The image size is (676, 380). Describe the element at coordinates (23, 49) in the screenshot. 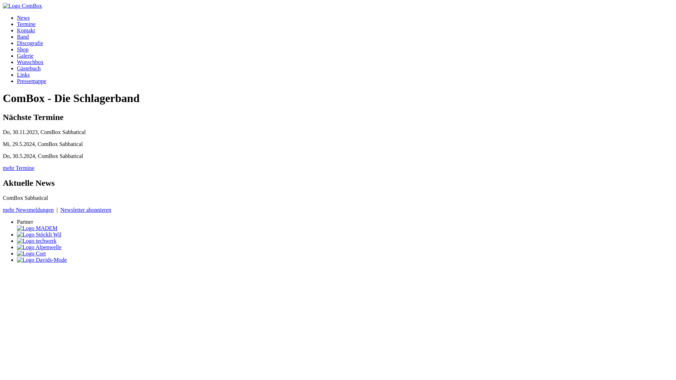

I see `'Shop'` at that location.